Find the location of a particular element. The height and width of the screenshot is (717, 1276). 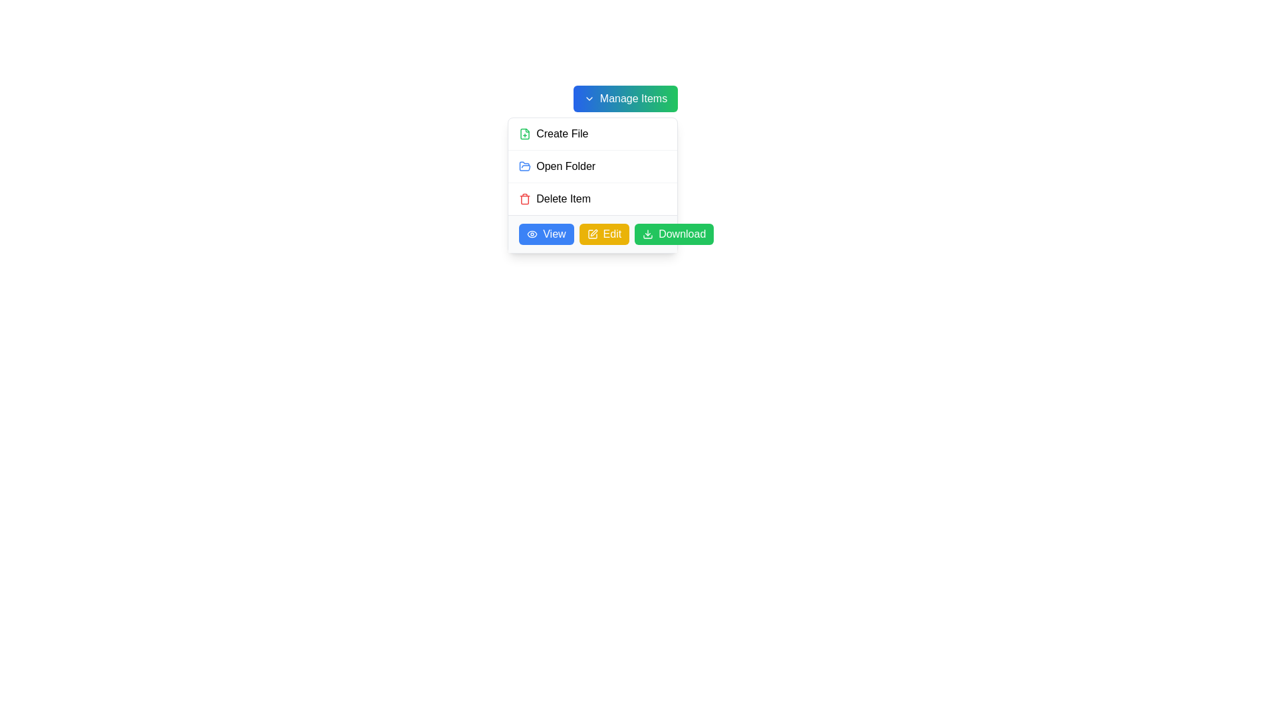

the 'Delete' button, which is the third item in the 'Manage Items' dropdown menu located below the 'Open Folder' option is located at coordinates (592, 199).